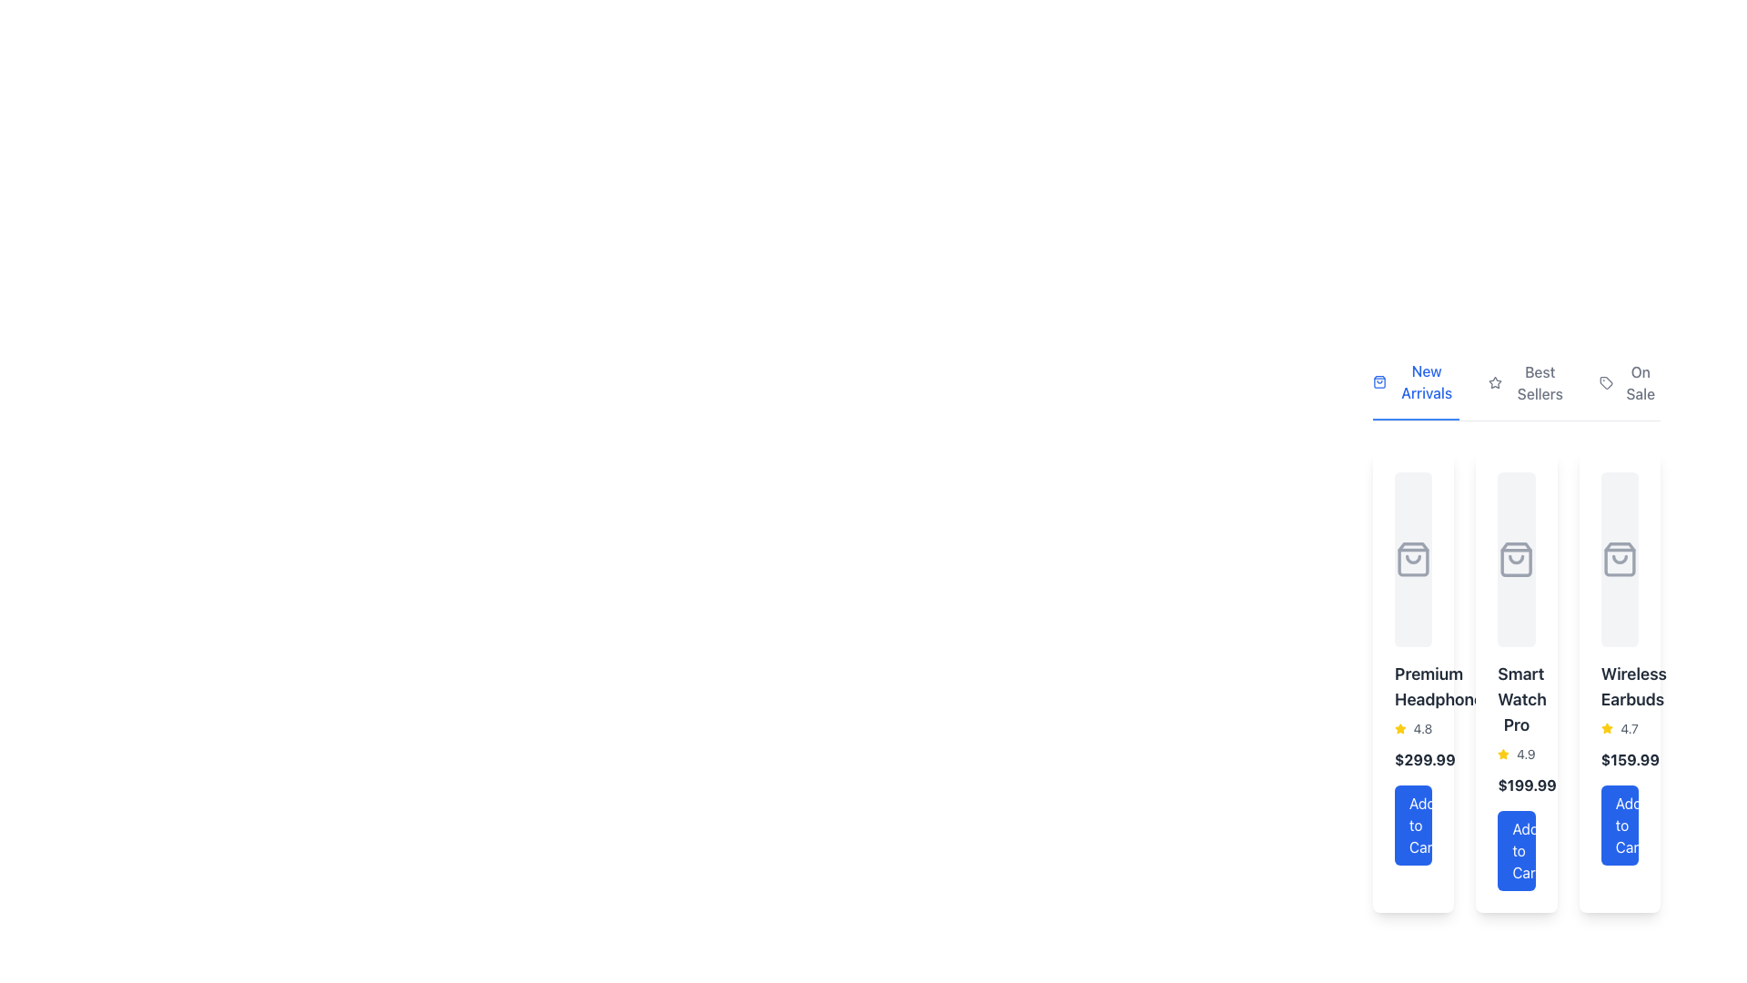 The width and height of the screenshot is (1747, 983). I want to click on the star icon indicating a product's rating, located in the second product card, positioned left of the numeric rating '4.9', so click(1503, 755).